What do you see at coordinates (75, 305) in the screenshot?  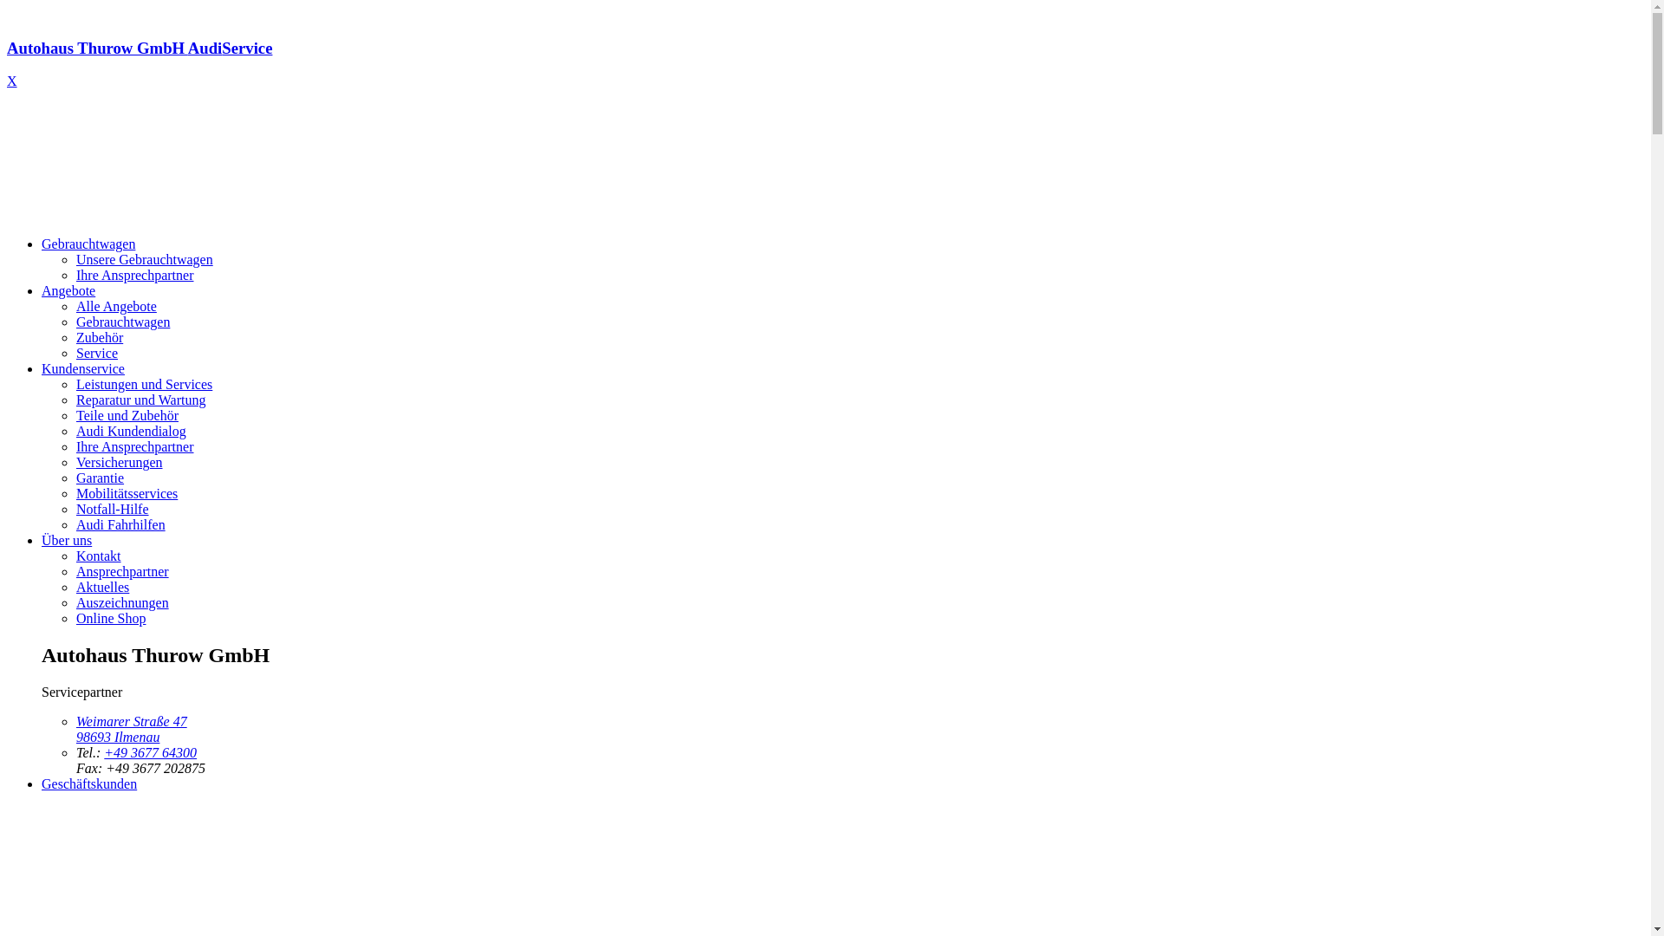 I see `'Alle Angebote'` at bounding box center [75, 305].